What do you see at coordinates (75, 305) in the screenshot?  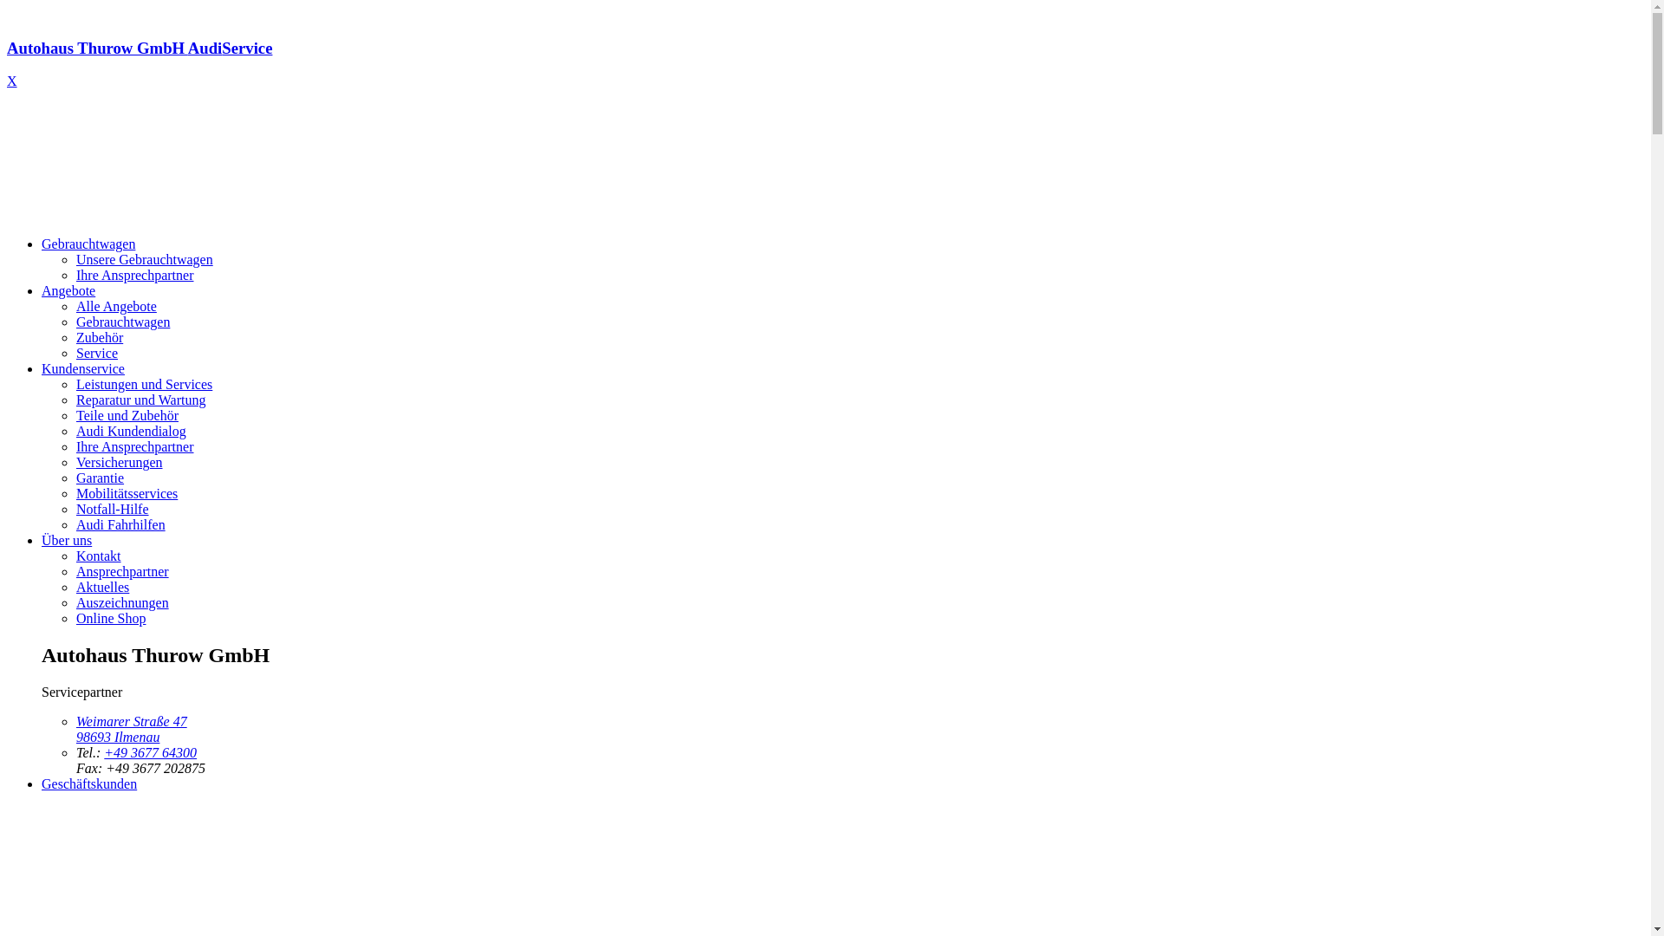 I see `'Alle Angebote'` at bounding box center [75, 305].